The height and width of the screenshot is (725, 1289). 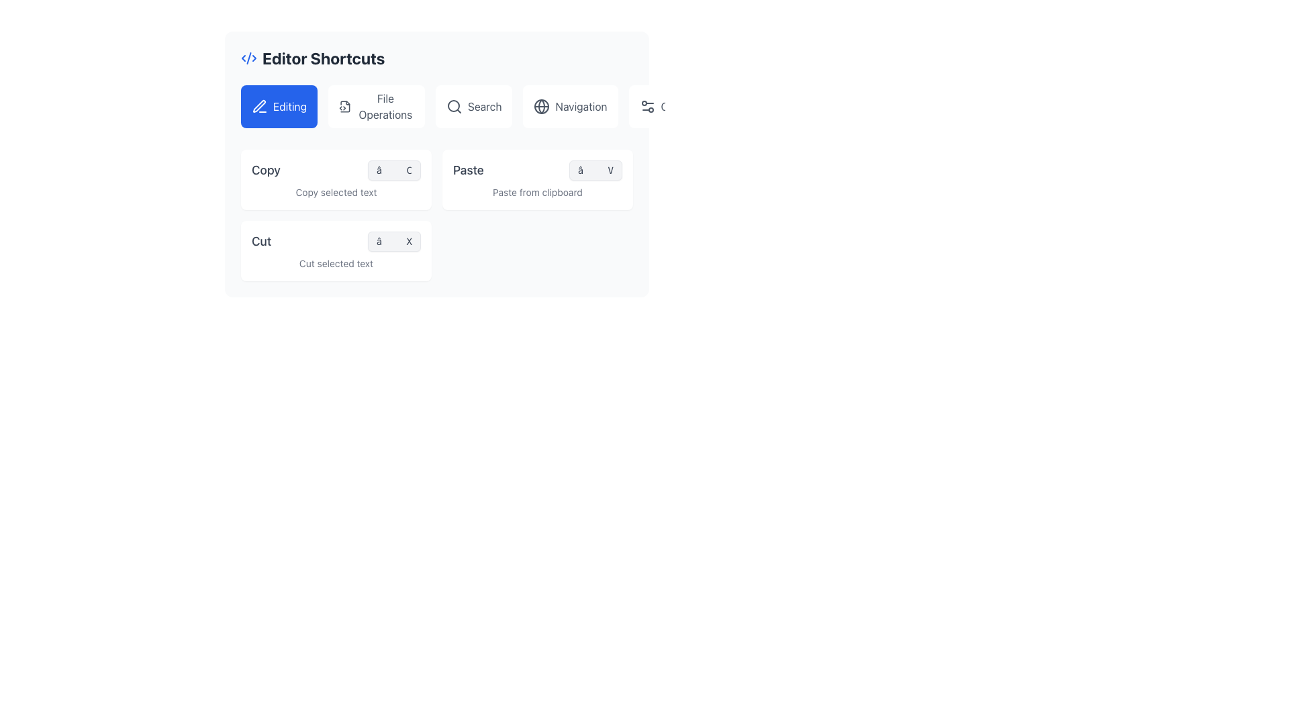 What do you see at coordinates (473, 105) in the screenshot?
I see `the search button located in the navigation bar, which is the third option from the left` at bounding box center [473, 105].